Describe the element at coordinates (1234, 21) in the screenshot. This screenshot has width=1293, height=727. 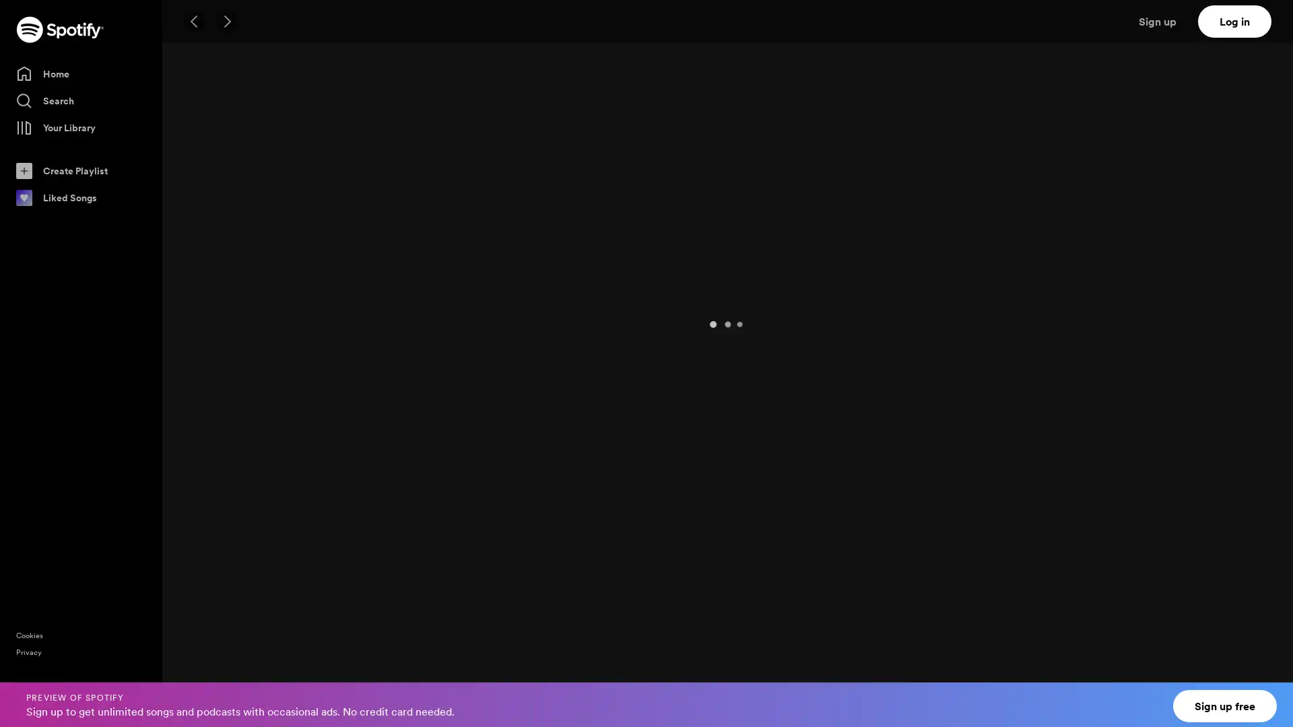
I see `Log in` at that location.